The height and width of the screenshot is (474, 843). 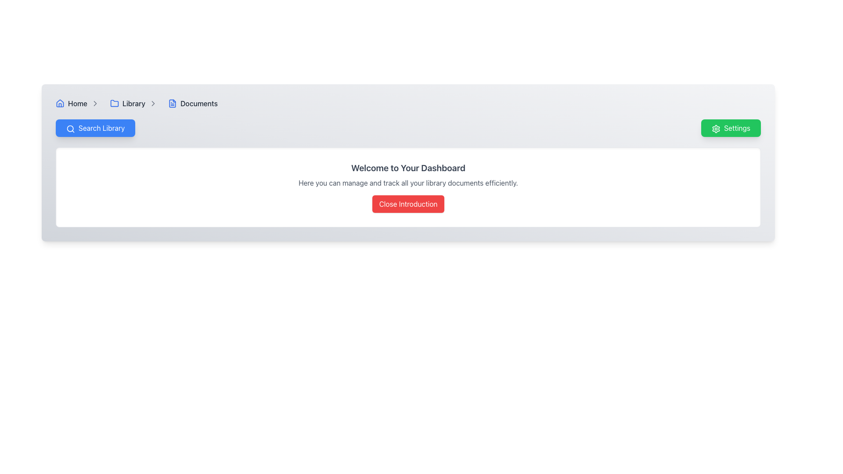 I want to click on the gear-shaped icon located on the left-hand side of the 'Settings' button at the top-right corner of the interface, so click(x=716, y=129).